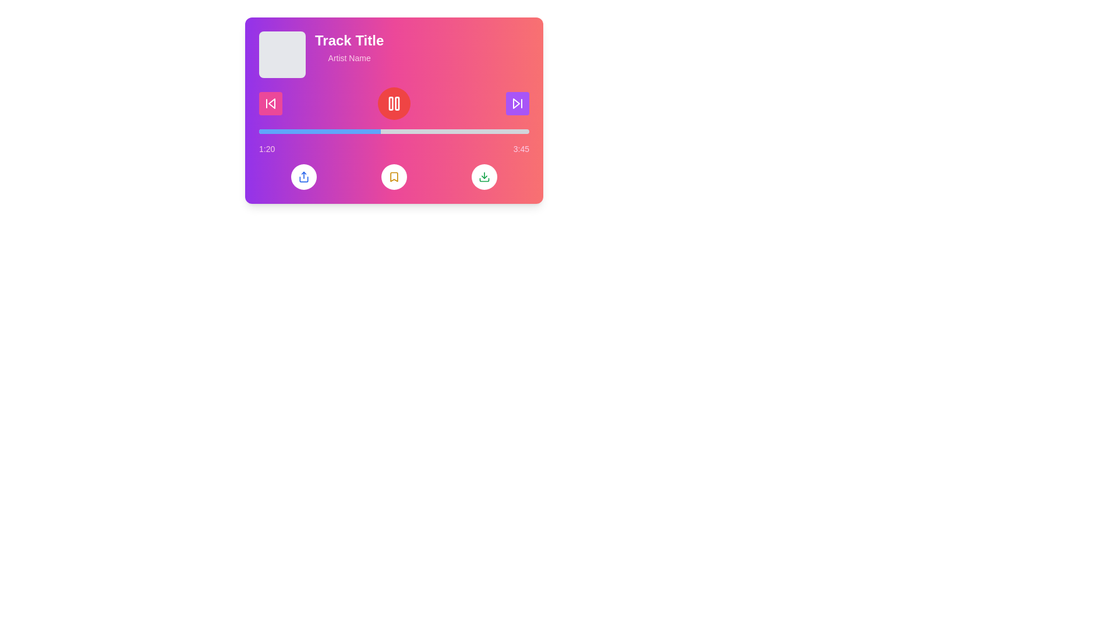  Describe the element at coordinates (270, 103) in the screenshot. I see `the 'Skip Backward' button located on the left side of the button layout` at that location.